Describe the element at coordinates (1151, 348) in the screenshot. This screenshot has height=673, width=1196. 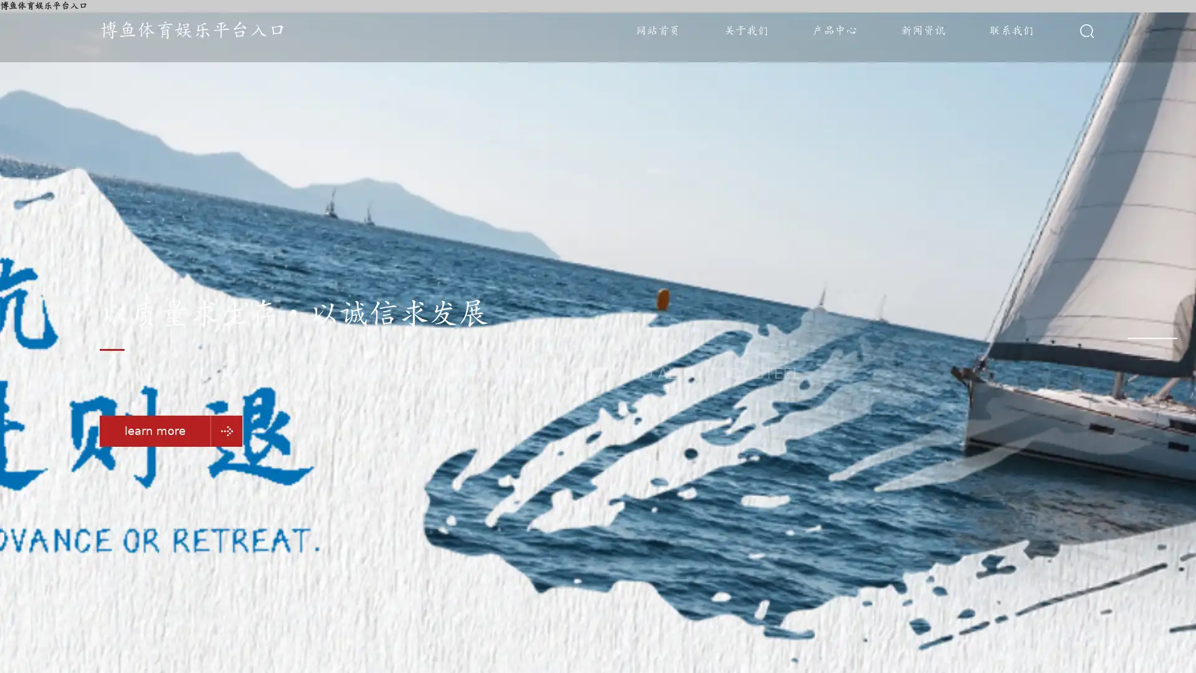
I see `Go to slide 2` at that location.